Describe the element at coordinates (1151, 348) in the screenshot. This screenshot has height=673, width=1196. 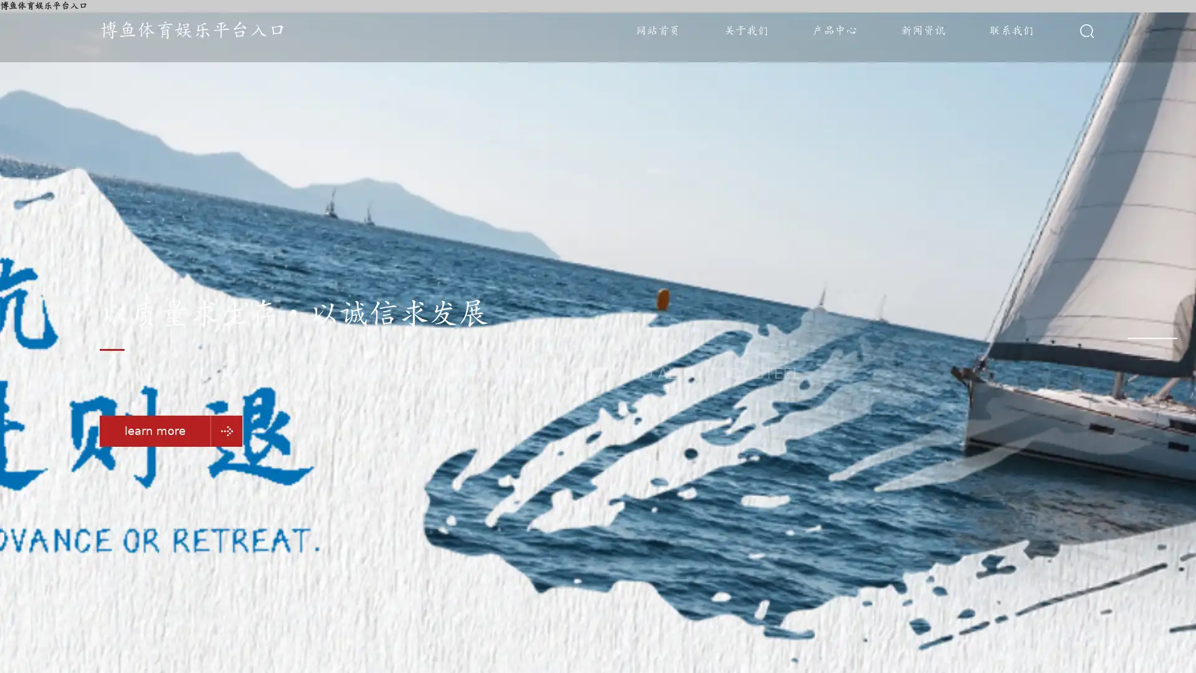
I see `Go to slide 2` at that location.